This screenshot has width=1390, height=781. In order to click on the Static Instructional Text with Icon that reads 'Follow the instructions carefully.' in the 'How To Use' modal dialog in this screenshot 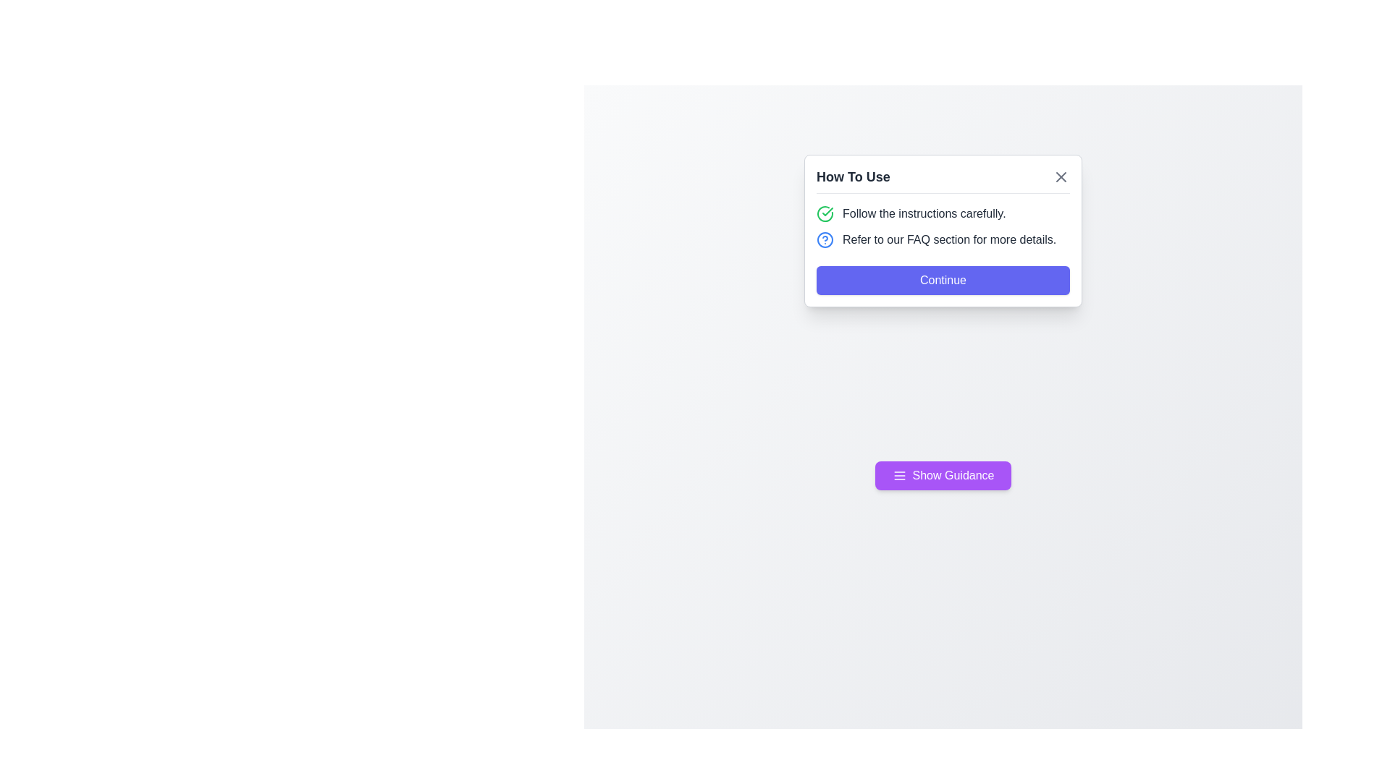, I will do `click(943, 214)`.